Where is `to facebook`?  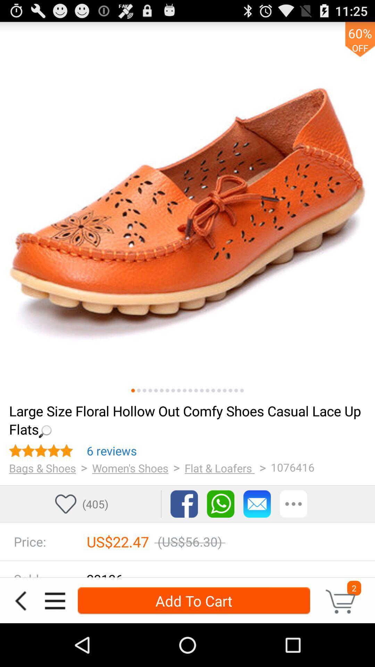
to facebook is located at coordinates (184, 504).